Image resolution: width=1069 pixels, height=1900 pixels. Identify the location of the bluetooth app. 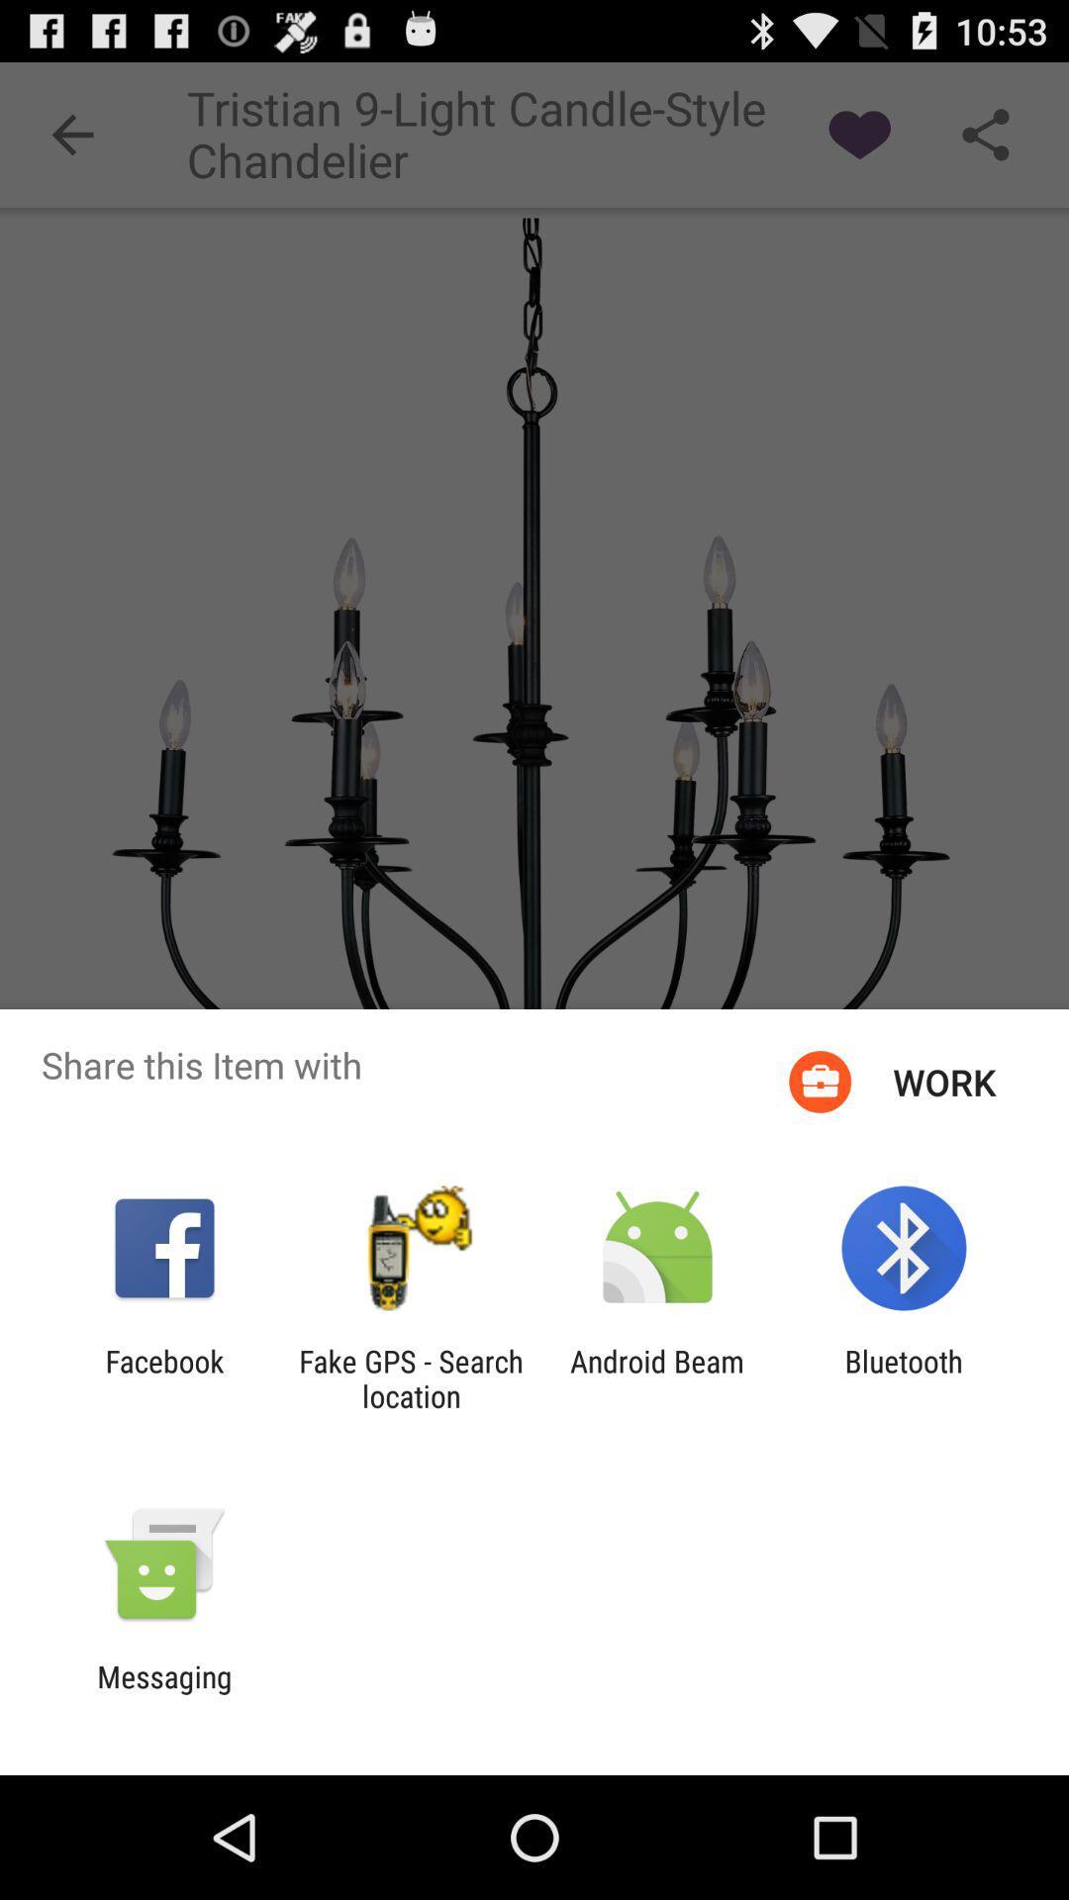
(904, 1377).